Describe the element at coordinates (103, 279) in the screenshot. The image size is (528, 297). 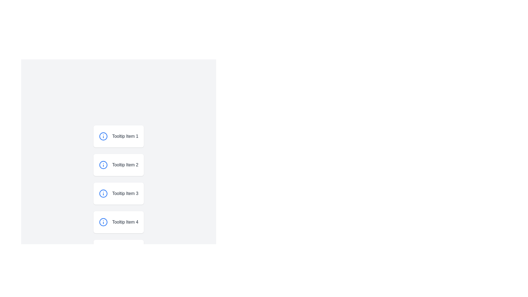
I see `the SVG graphical element (circle) representing an 'info' button to trigger a tooltip` at that location.